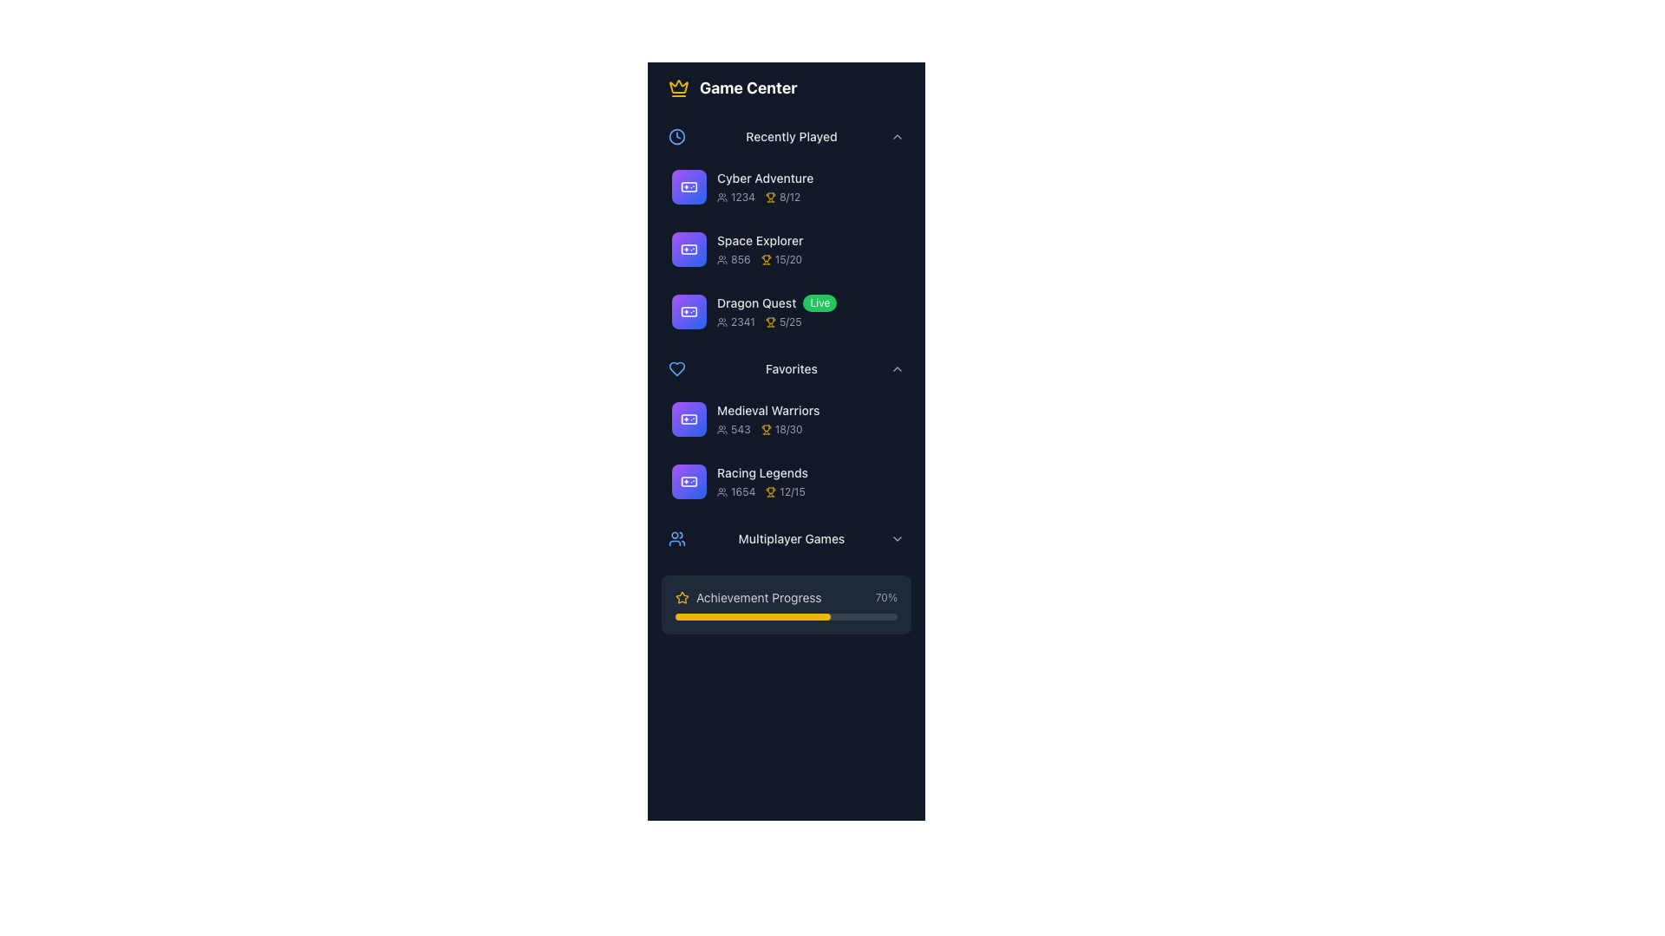 Image resolution: width=1665 pixels, height=936 pixels. Describe the element at coordinates (786, 136) in the screenshot. I see `the Collapsible Section Header that organizes and toggles the visibility of the 'Recently Played' section in the 'Game Center' menu for a highlight effect` at that location.